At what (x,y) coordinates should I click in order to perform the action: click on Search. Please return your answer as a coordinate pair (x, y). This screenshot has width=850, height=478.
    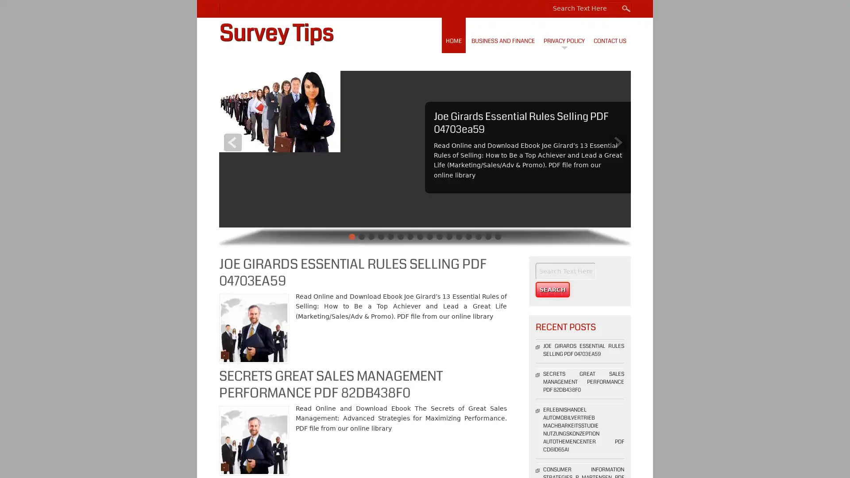
    Looking at the image, I should click on (552, 289).